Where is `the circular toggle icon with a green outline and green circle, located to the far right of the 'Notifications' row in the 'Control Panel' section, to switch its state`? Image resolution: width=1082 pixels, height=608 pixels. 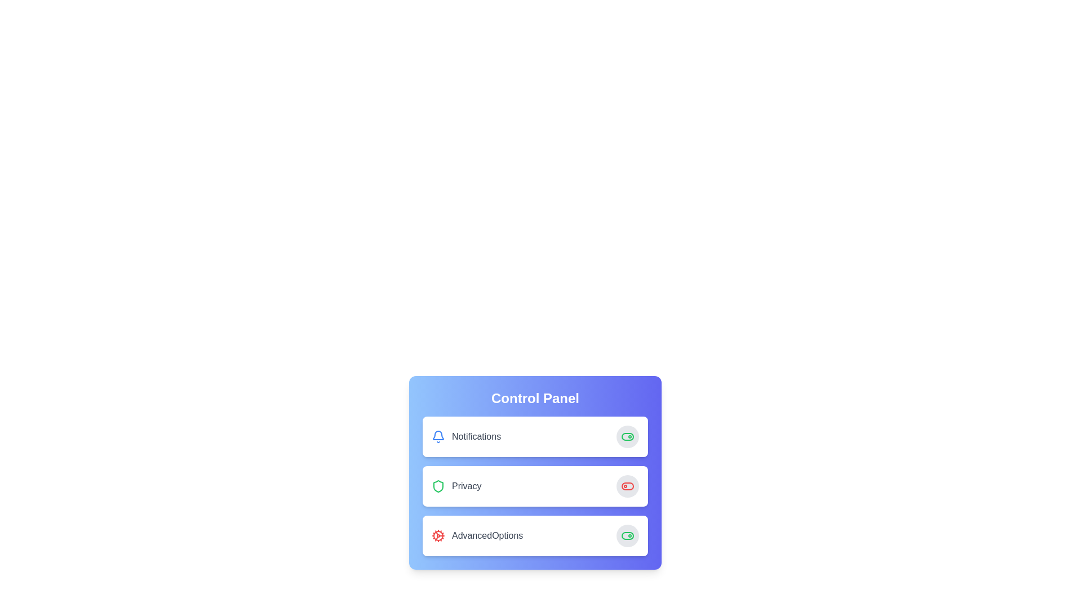
the circular toggle icon with a green outline and green circle, located to the far right of the 'Notifications' row in the 'Control Panel' section, to switch its state is located at coordinates (627, 436).